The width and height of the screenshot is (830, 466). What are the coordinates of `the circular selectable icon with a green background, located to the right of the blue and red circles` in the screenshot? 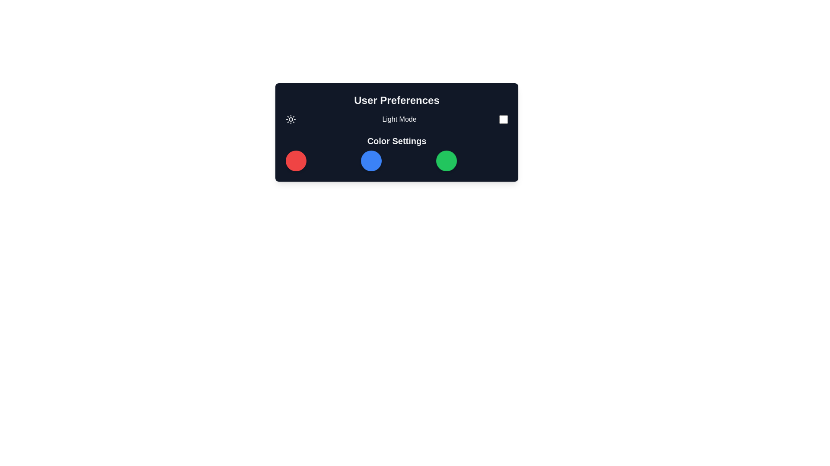 It's located at (446, 161).